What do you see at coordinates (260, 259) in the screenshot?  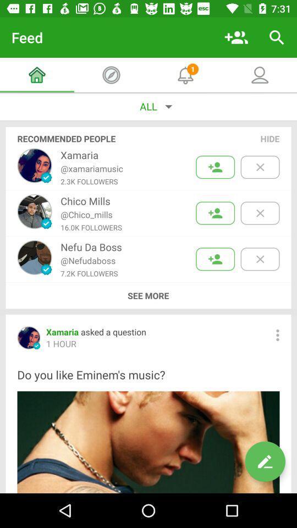 I see `because back devicer` at bounding box center [260, 259].